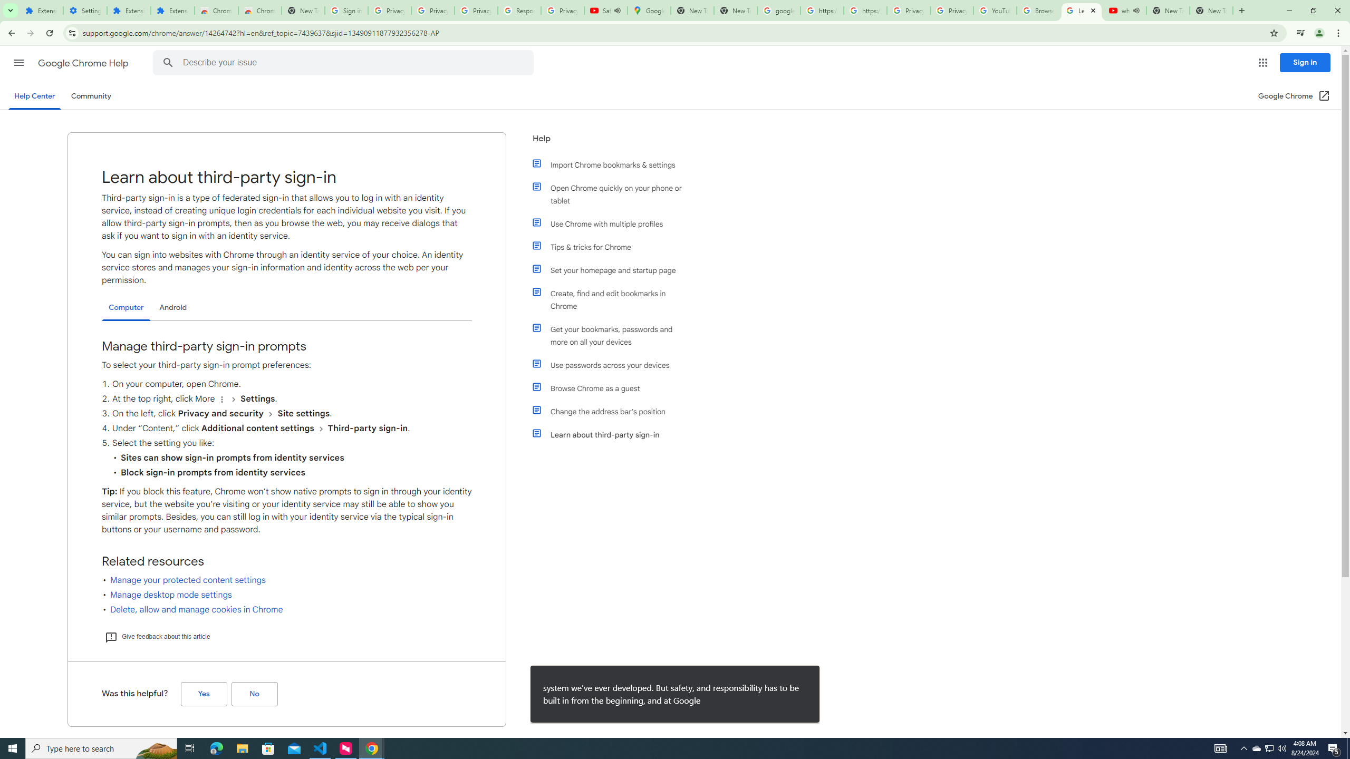 This screenshot has width=1350, height=759. What do you see at coordinates (1136, 10) in the screenshot?
I see `'Mute tab'` at bounding box center [1136, 10].